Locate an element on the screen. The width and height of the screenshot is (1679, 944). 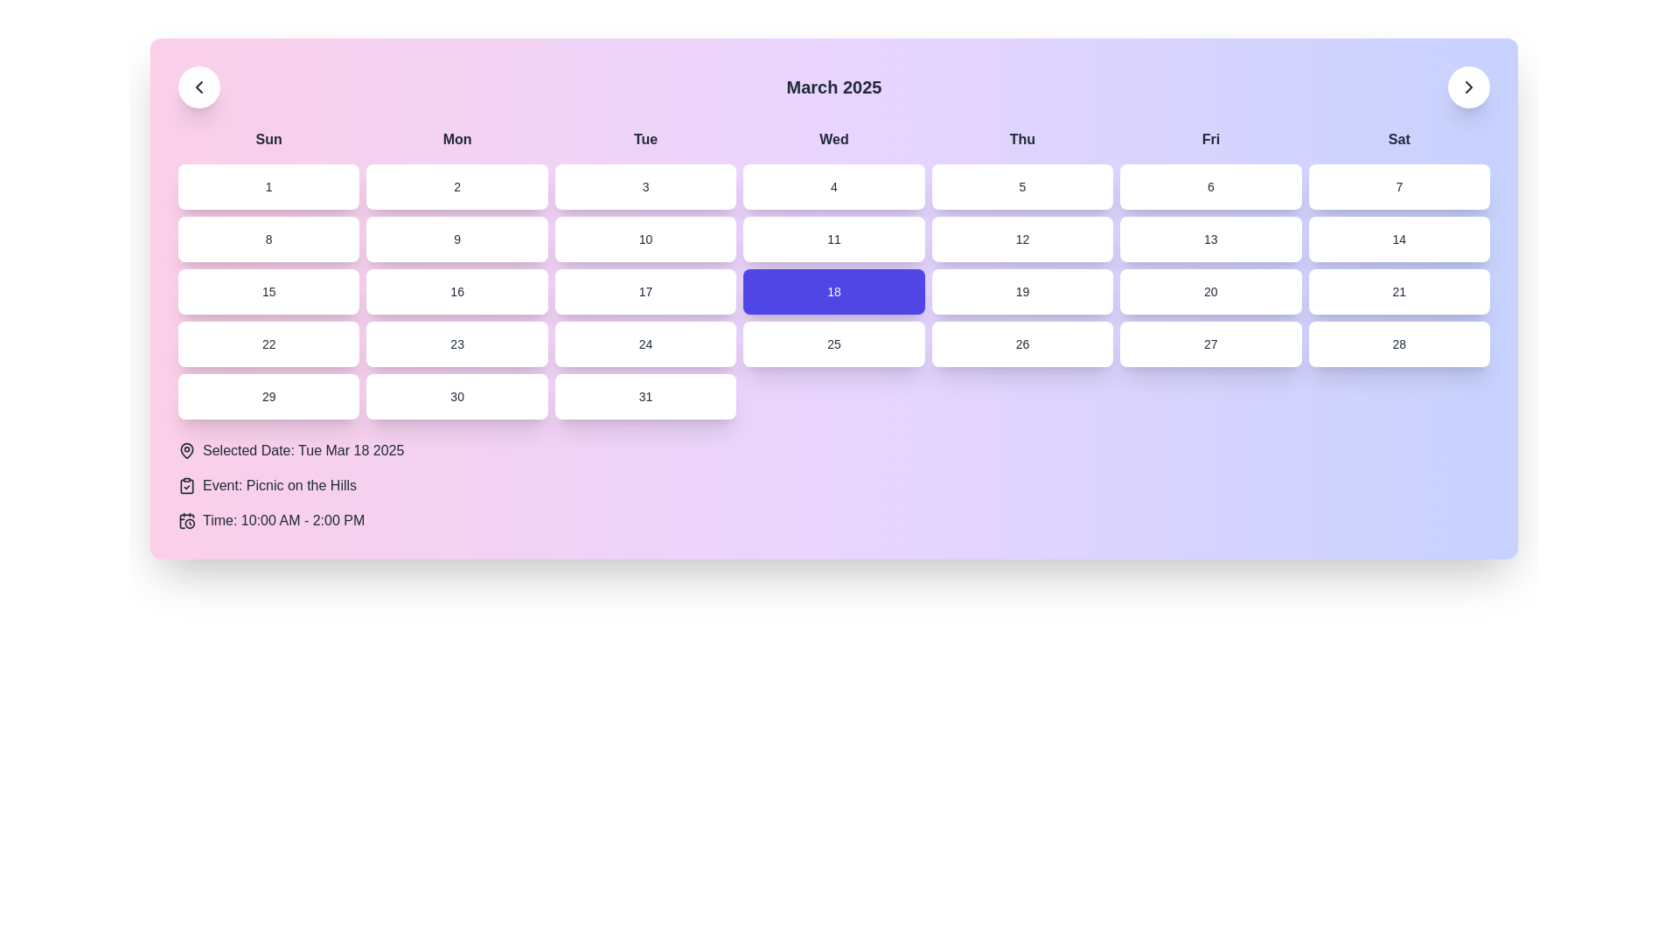
the white rectangular button with rounded corners containing the numeral '4' is located at coordinates (833, 186).